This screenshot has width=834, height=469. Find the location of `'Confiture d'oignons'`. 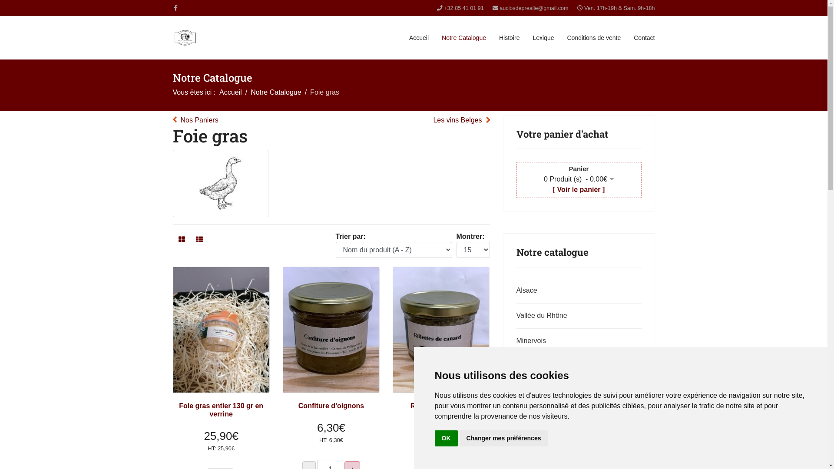

'Confiture d'oignons' is located at coordinates (331, 406).